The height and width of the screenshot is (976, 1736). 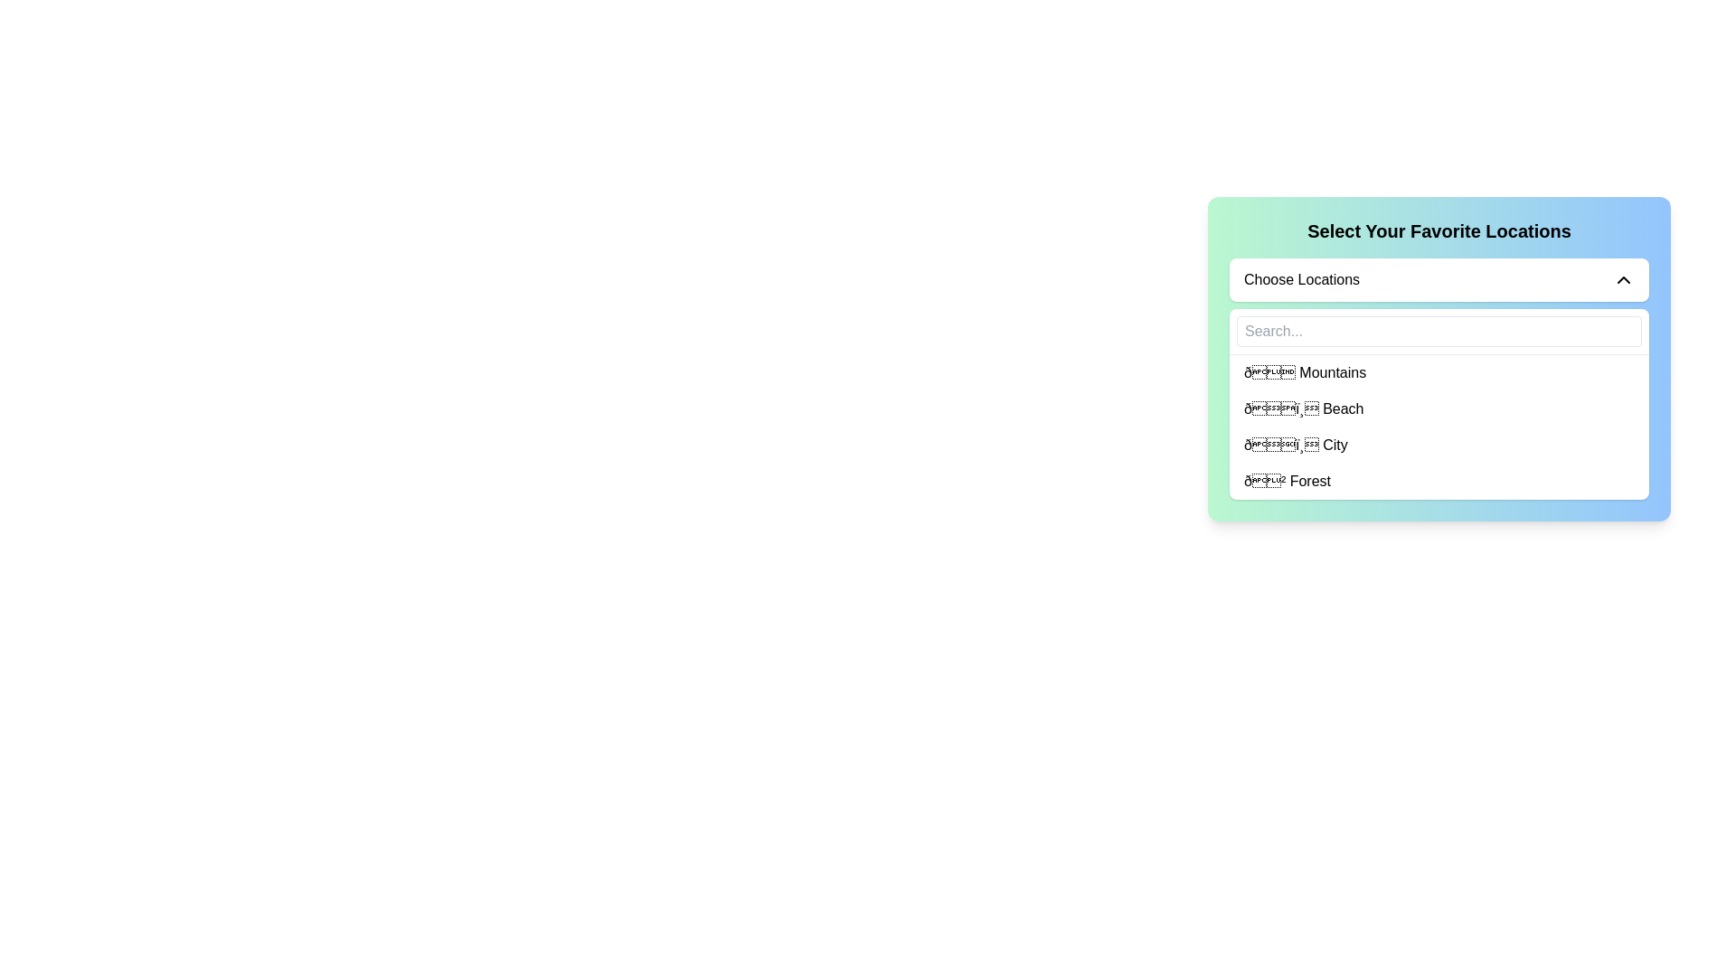 I want to click on the first selectable option in the dropdown menu titled 'Select Your Favorite Locations', so click(x=1305, y=371).